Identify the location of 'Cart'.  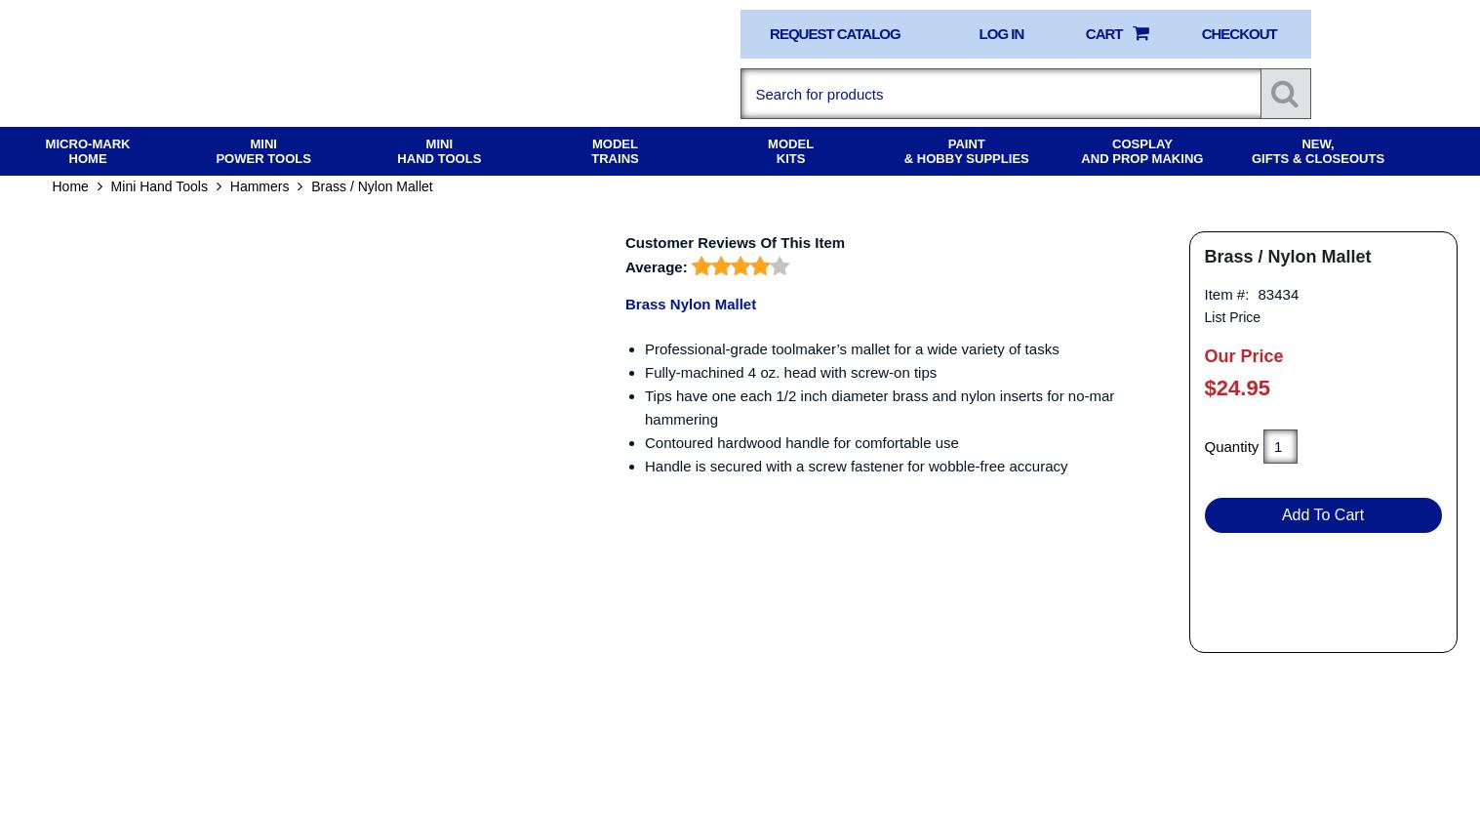
(1104, 33).